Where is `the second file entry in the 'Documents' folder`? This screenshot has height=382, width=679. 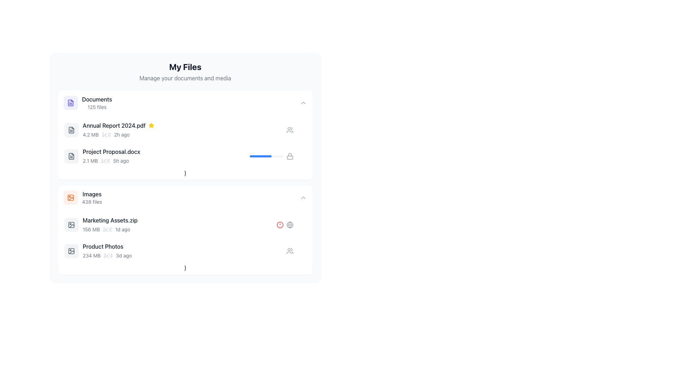 the second file entry in the 'Documents' folder is located at coordinates (185, 156).